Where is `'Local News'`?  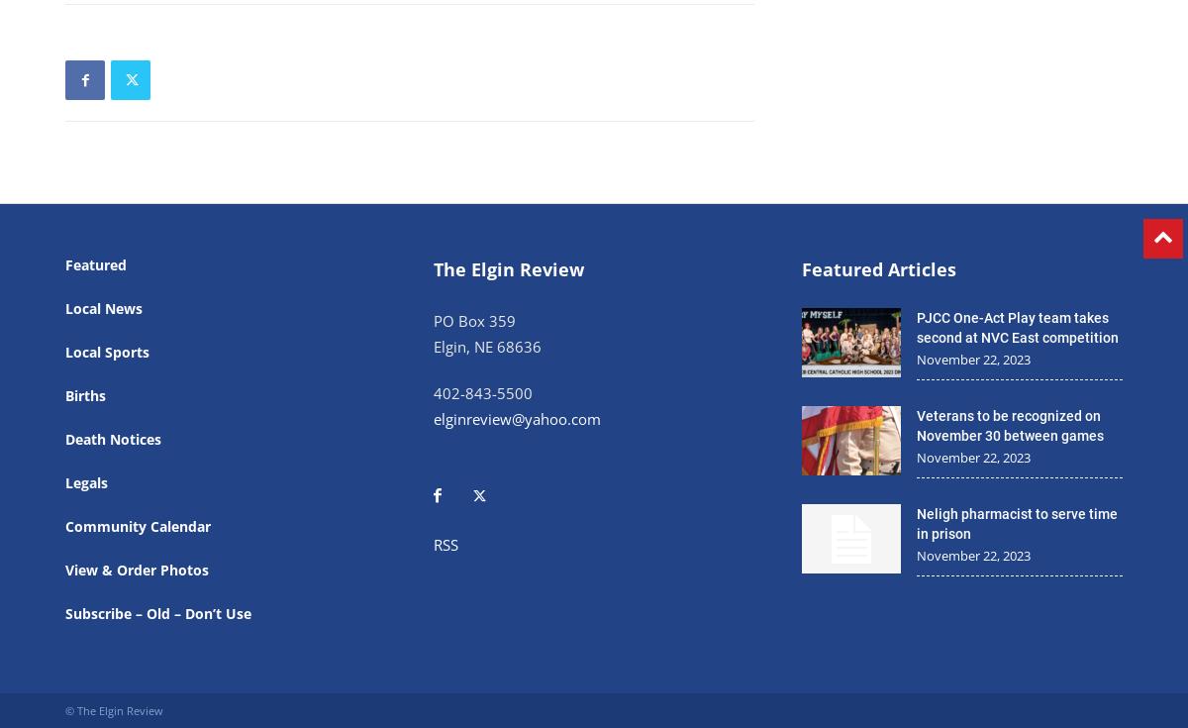
'Local News' is located at coordinates (65, 308).